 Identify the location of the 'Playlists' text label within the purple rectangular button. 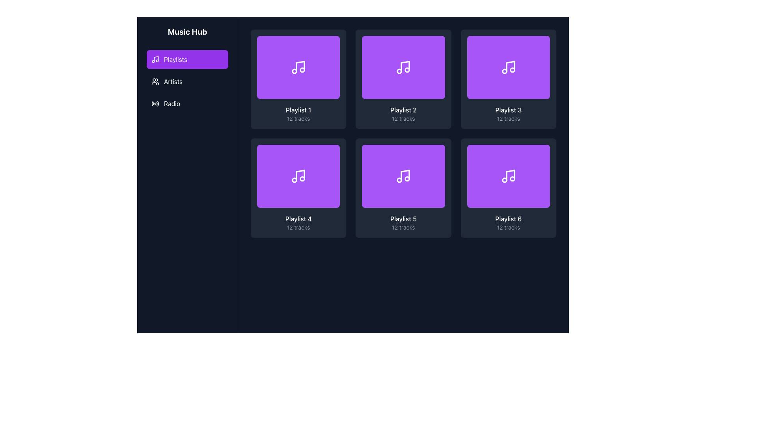
(175, 59).